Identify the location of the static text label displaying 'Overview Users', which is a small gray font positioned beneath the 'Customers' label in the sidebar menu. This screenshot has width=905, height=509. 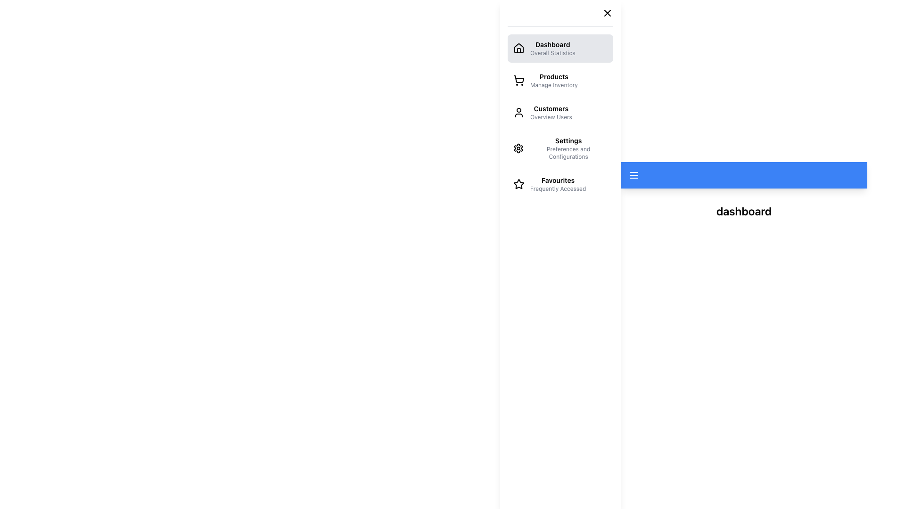
(551, 117).